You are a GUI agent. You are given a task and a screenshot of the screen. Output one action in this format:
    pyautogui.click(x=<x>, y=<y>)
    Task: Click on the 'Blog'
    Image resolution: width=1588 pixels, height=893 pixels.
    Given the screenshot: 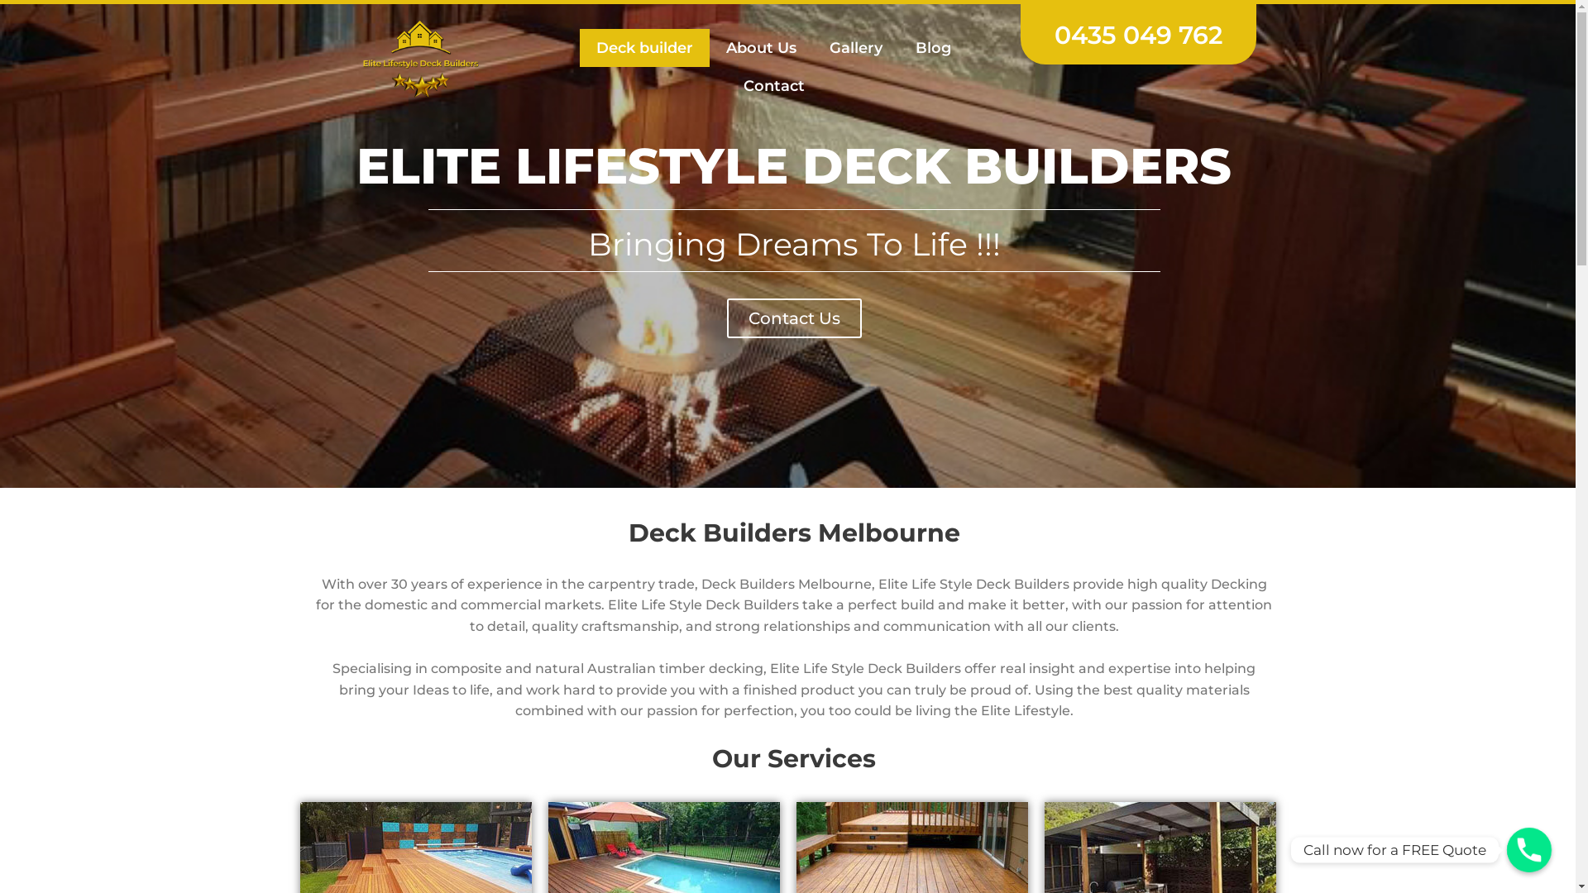 What is the action you would take?
    pyautogui.click(x=933, y=46)
    